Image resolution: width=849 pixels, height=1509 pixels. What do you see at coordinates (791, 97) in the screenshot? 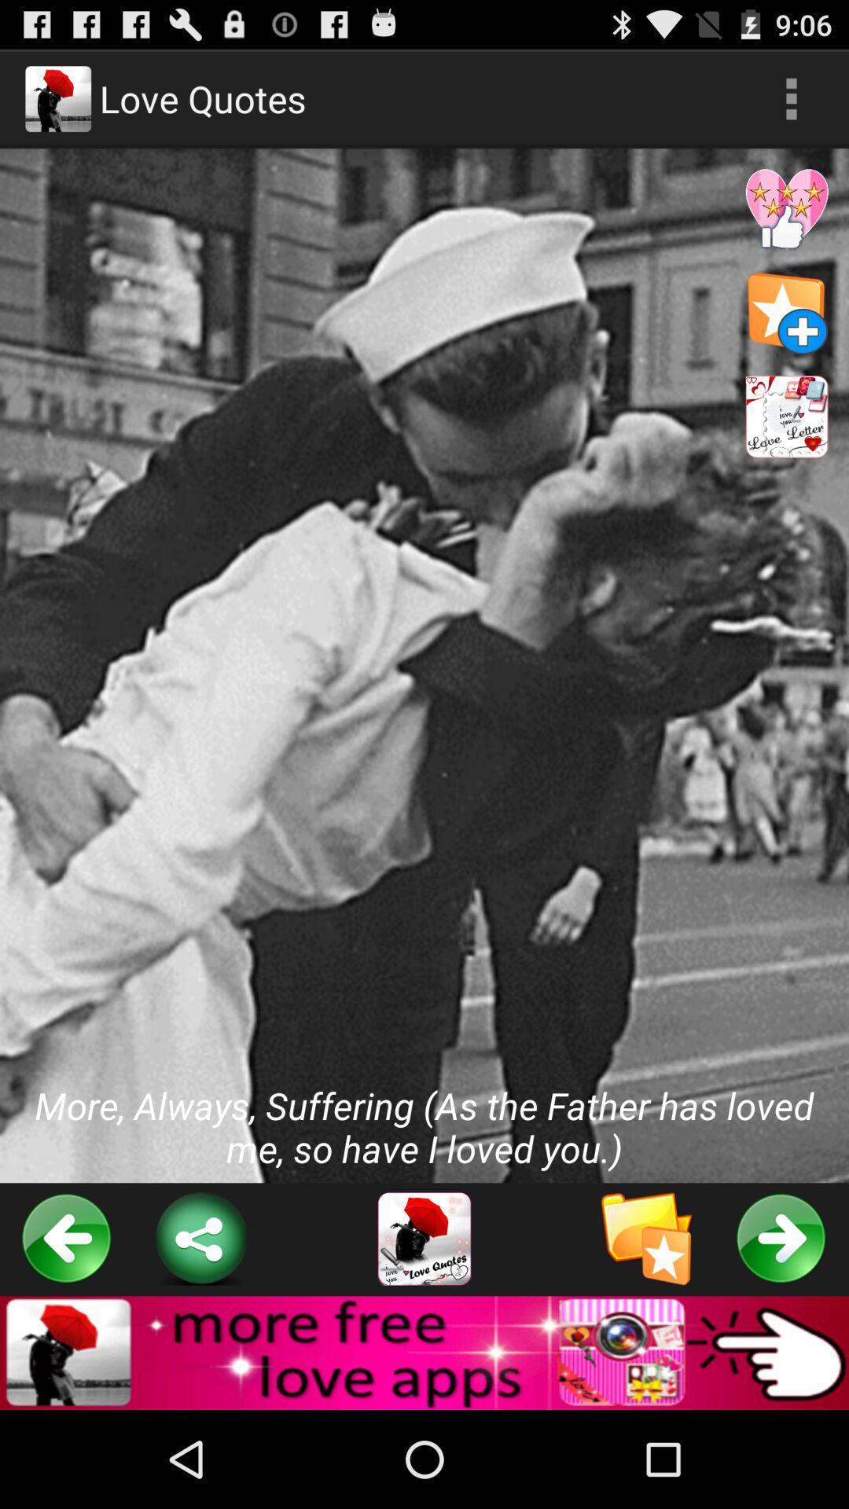
I see `item next to the love quotes app` at bounding box center [791, 97].